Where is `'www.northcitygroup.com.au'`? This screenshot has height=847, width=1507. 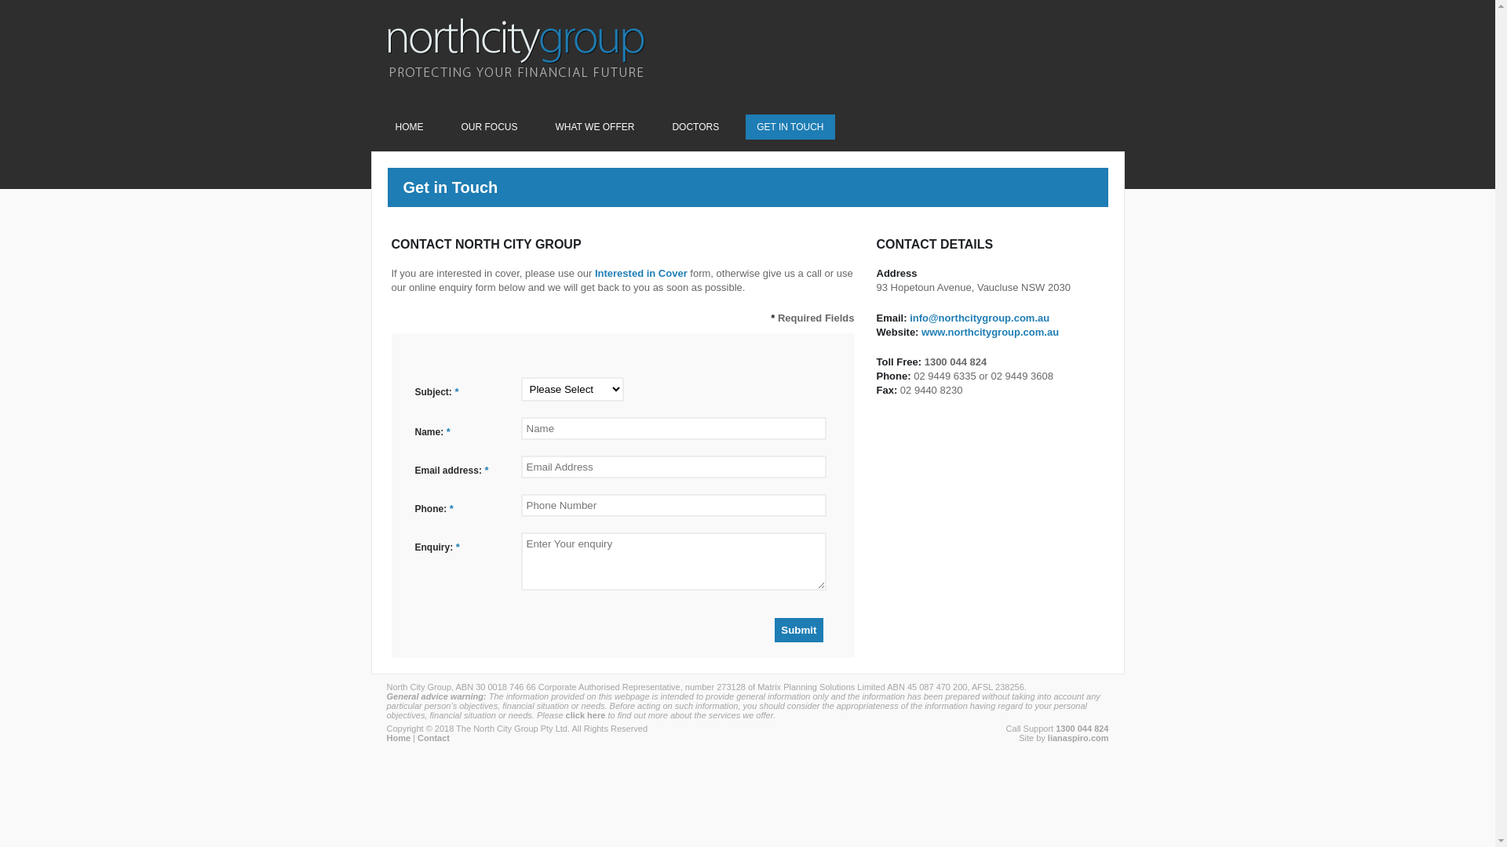
'www.northcitygroup.com.au' is located at coordinates (989, 331).